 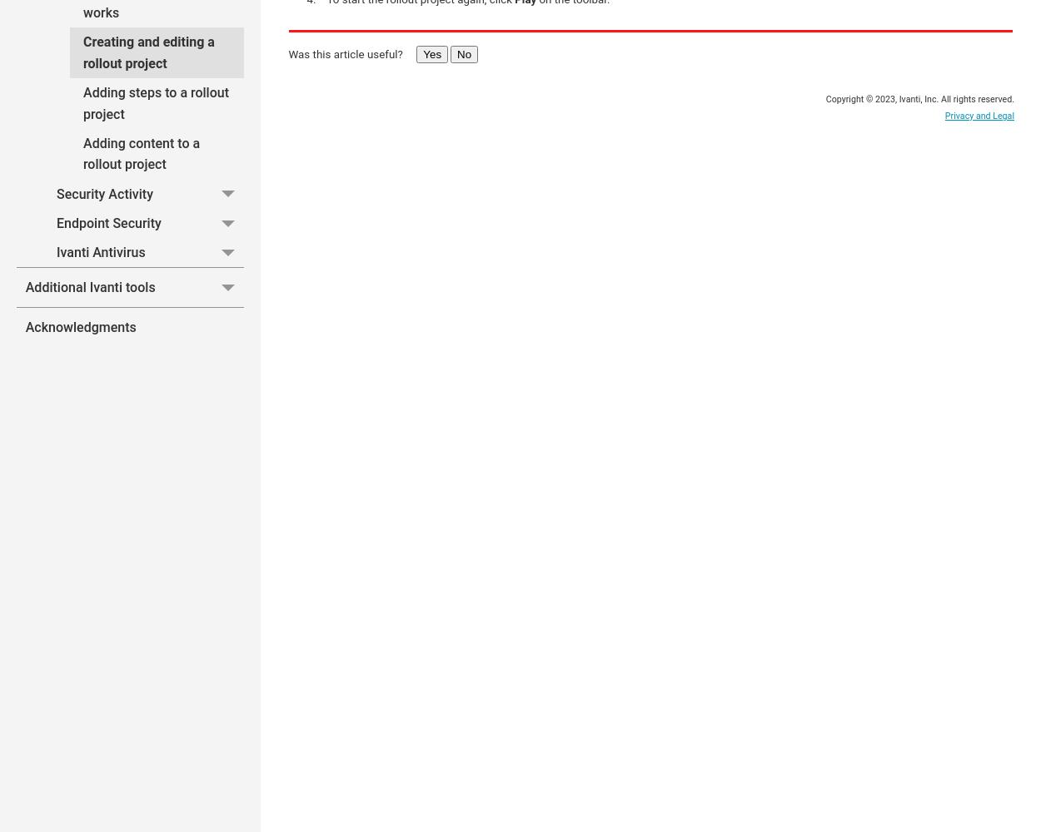 What do you see at coordinates (979, 116) in the screenshot?
I see `'Privacy and Legal'` at bounding box center [979, 116].